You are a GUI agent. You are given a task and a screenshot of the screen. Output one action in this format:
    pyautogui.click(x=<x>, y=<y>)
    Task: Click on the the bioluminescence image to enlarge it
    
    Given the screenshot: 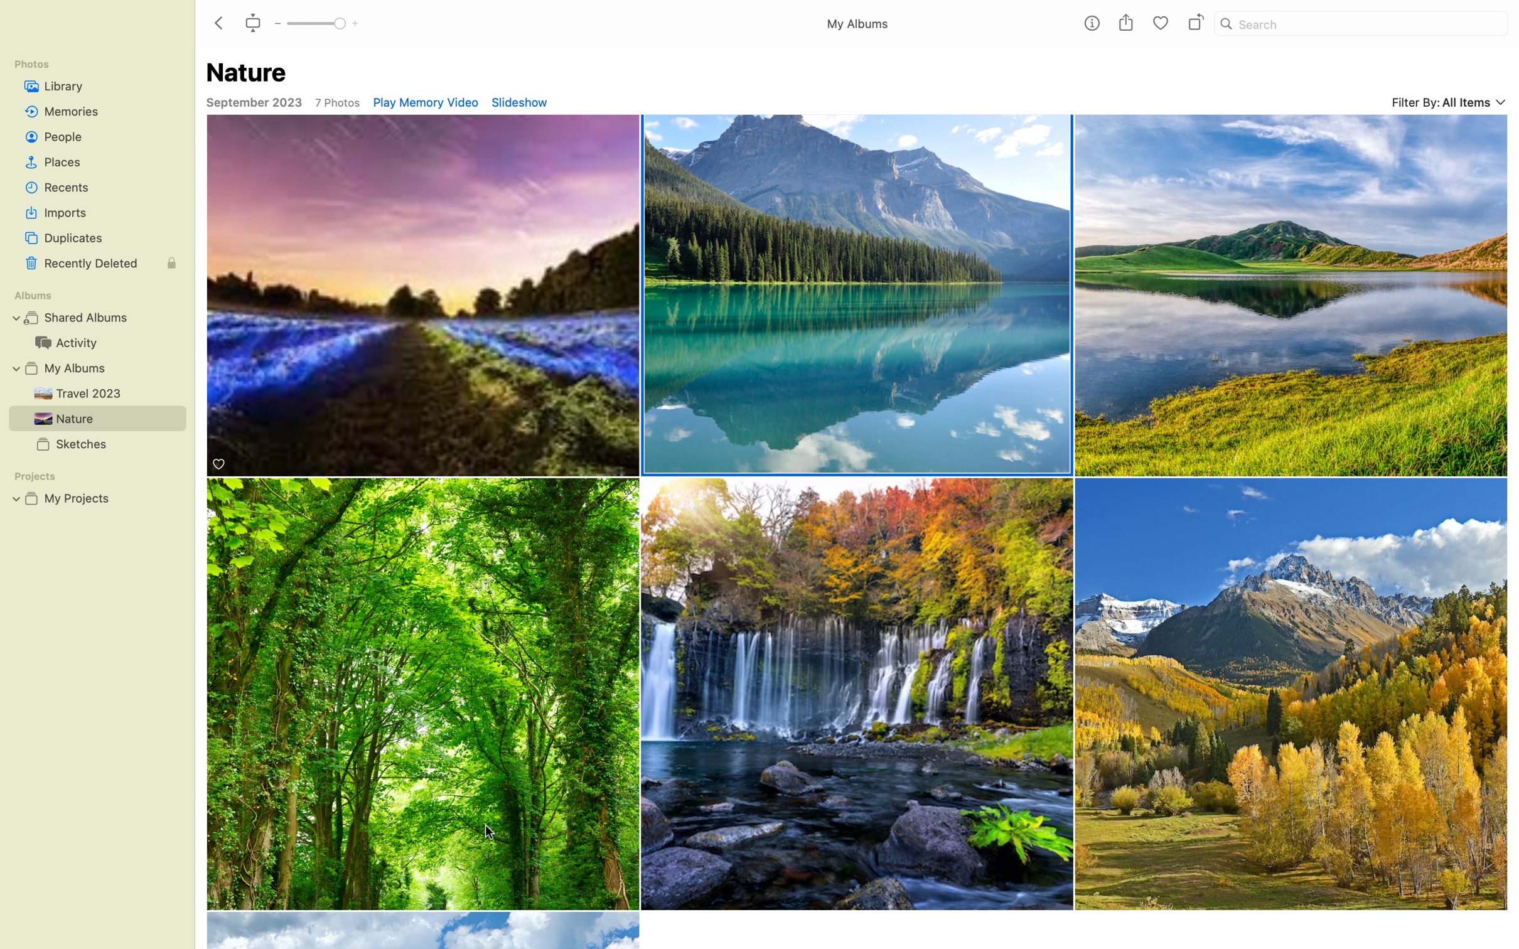 What is the action you would take?
    pyautogui.click(x=423, y=296)
    